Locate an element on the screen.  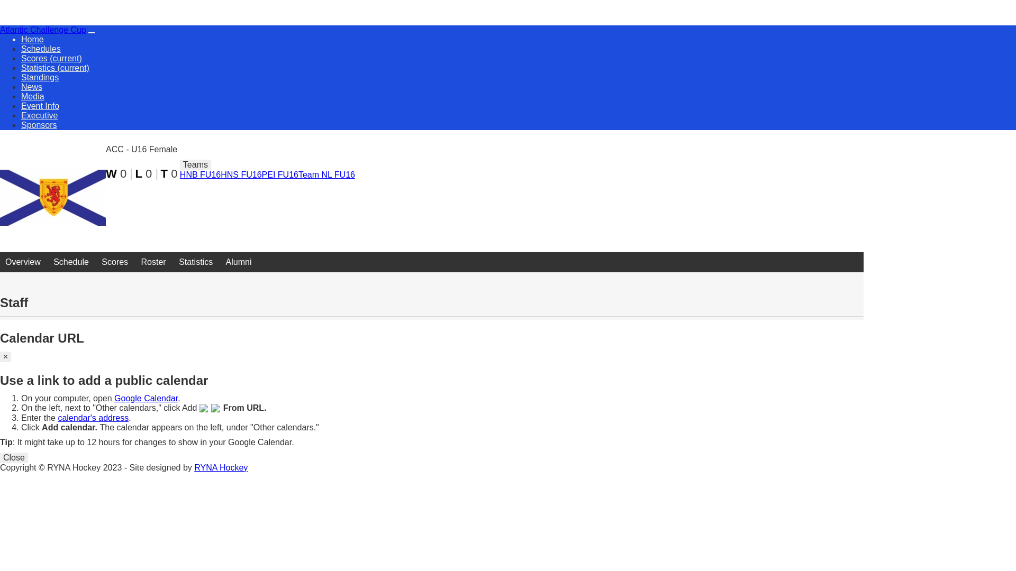
'Sponsors' is located at coordinates (21, 124).